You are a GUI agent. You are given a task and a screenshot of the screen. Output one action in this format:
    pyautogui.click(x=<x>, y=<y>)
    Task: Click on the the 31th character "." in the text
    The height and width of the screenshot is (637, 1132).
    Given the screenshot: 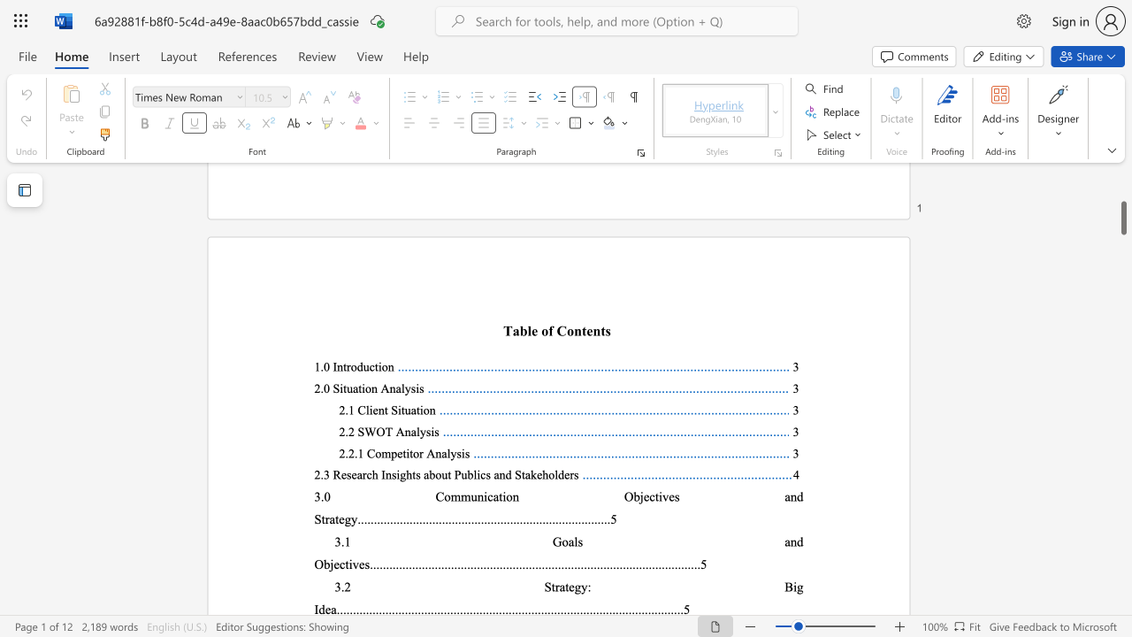 What is the action you would take?
    pyautogui.click(x=456, y=518)
    